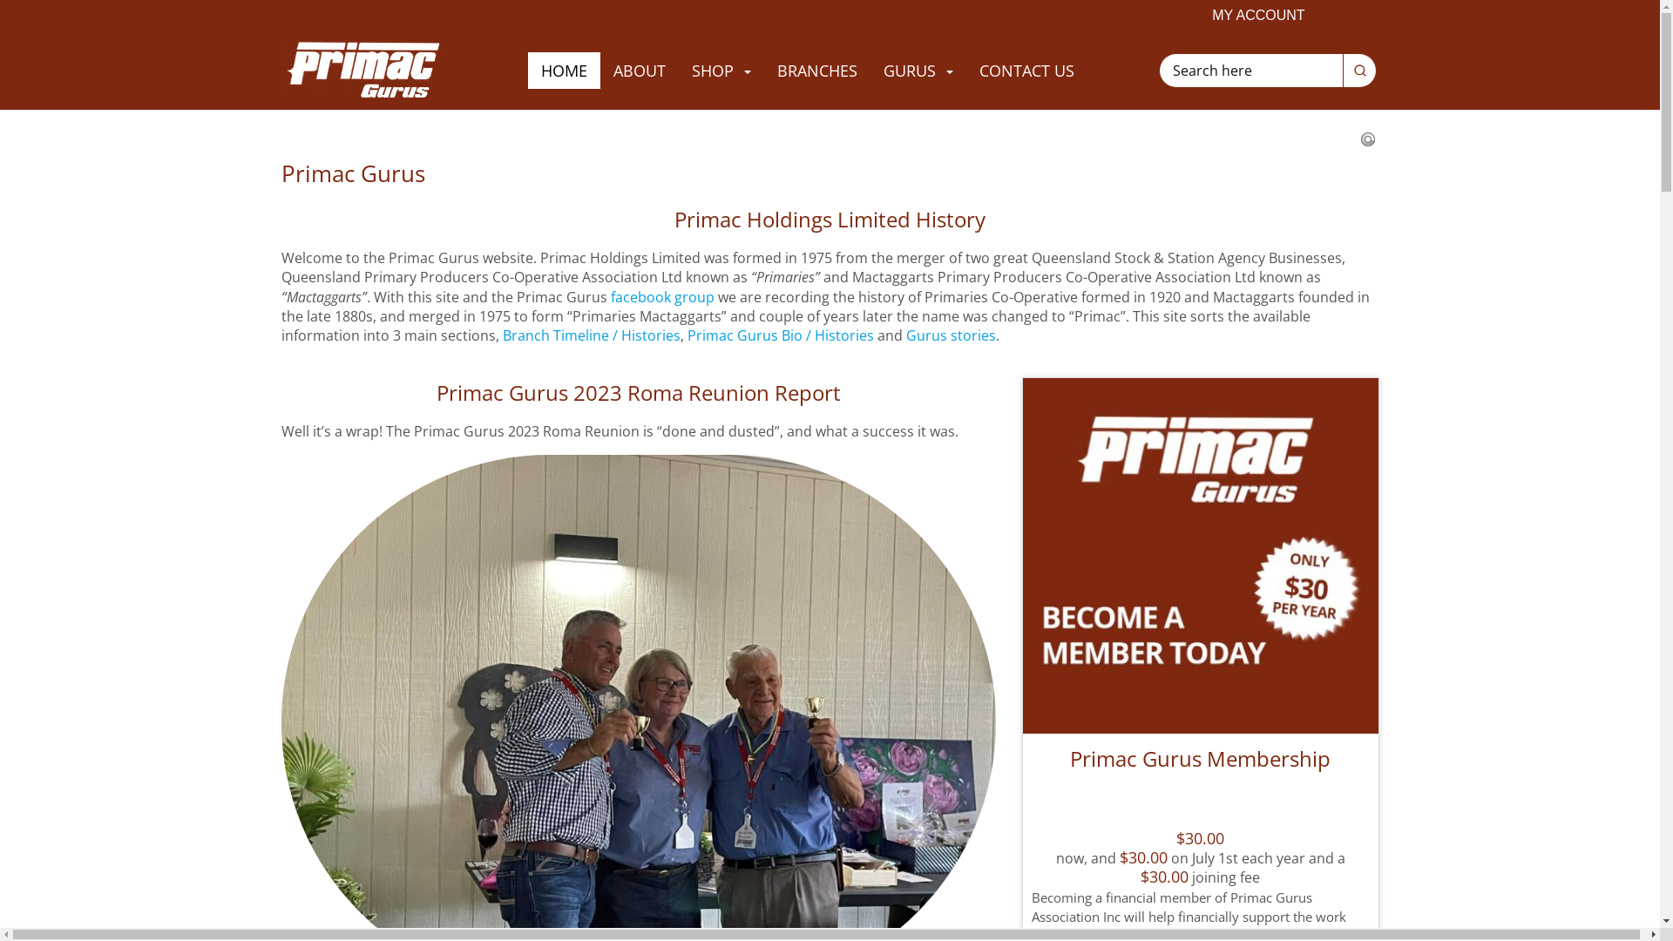 The image size is (1673, 941). What do you see at coordinates (1026, 70) in the screenshot?
I see `'CONTACT US'` at bounding box center [1026, 70].